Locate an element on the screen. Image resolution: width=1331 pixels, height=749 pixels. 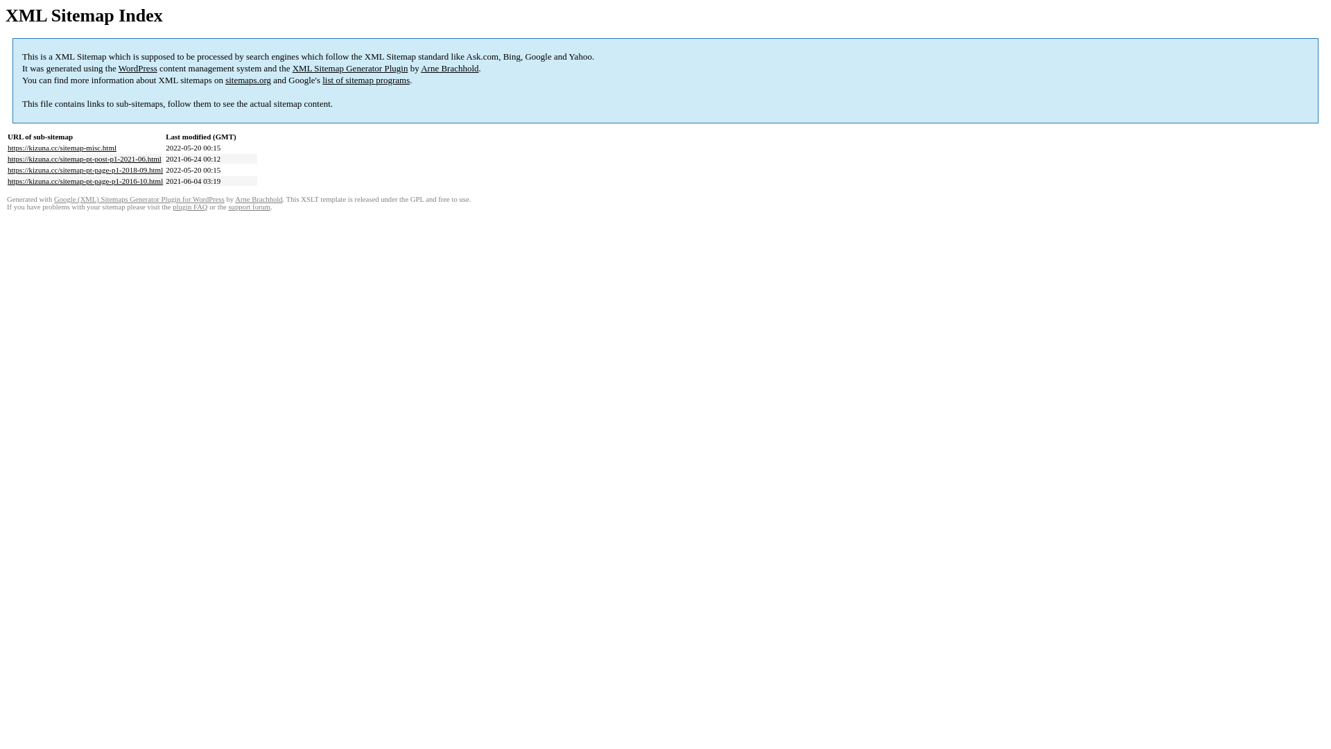
'list of sitemap programs' is located at coordinates (366, 80).